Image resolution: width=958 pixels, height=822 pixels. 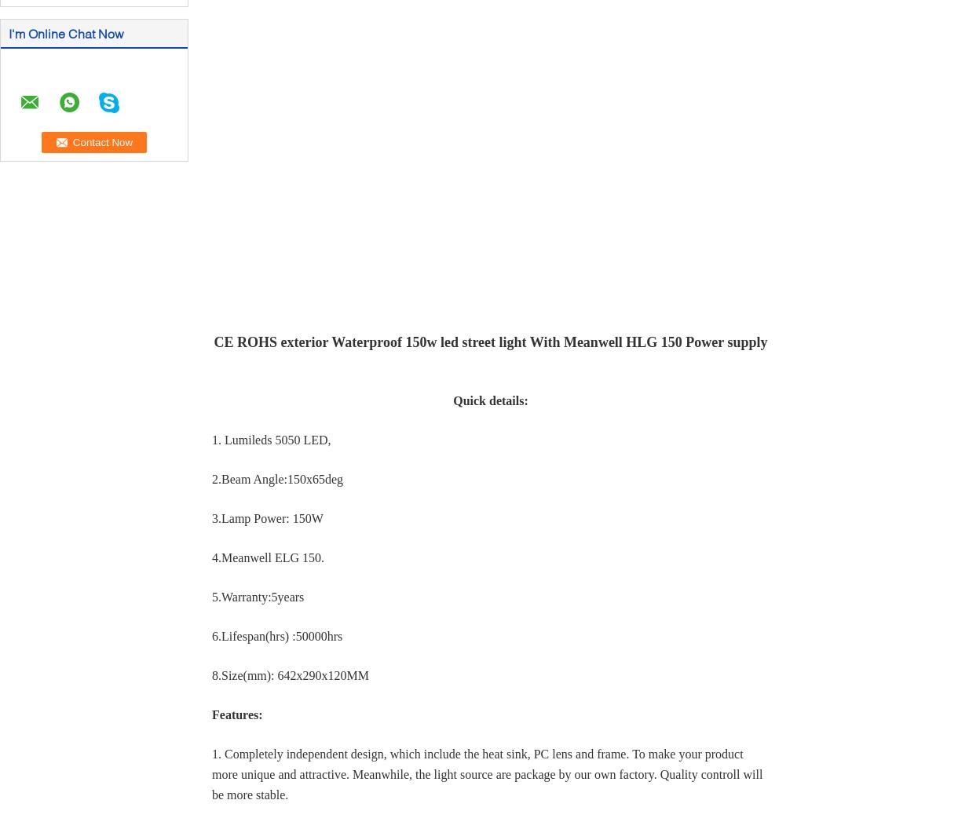 What do you see at coordinates (290, 674) in the screenshot?
I see `'8.Size(mm): 642x290x120MM'` at bounding box center [290, 674].